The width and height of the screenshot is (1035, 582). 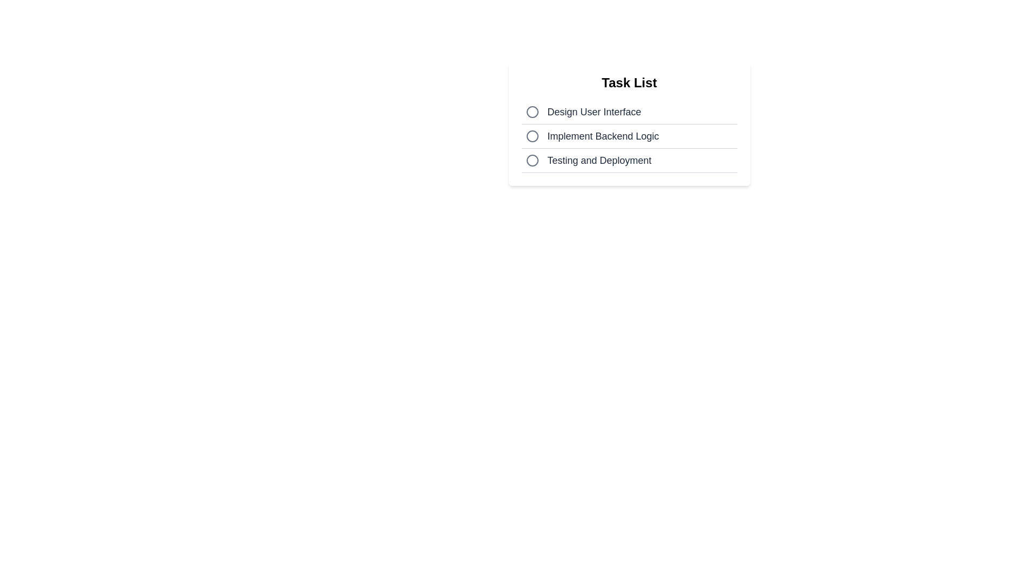 What do you see at coordinates (599, 160) in the screenshot?
I see `the text label that provides the title or description of the associated task in the list, located on the third line and immediately to the right of a circular button` at bounding box center [599, 160].